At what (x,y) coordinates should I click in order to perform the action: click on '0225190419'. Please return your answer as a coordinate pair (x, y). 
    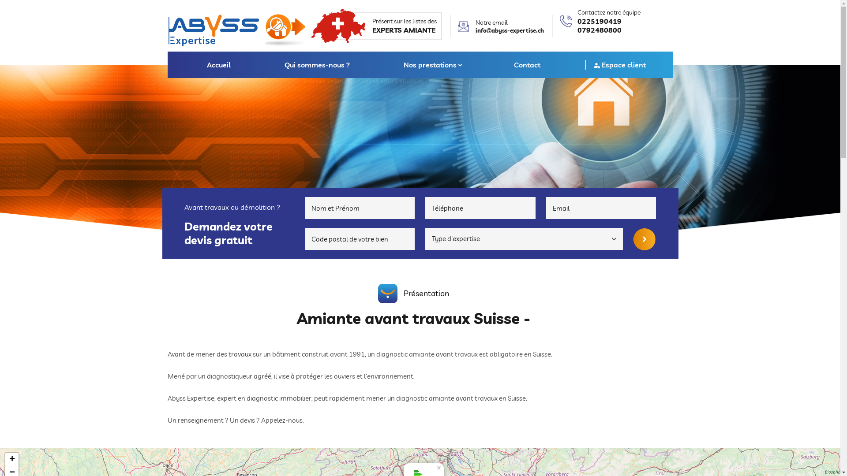
    Looking at the image, I should click on (608, 20).